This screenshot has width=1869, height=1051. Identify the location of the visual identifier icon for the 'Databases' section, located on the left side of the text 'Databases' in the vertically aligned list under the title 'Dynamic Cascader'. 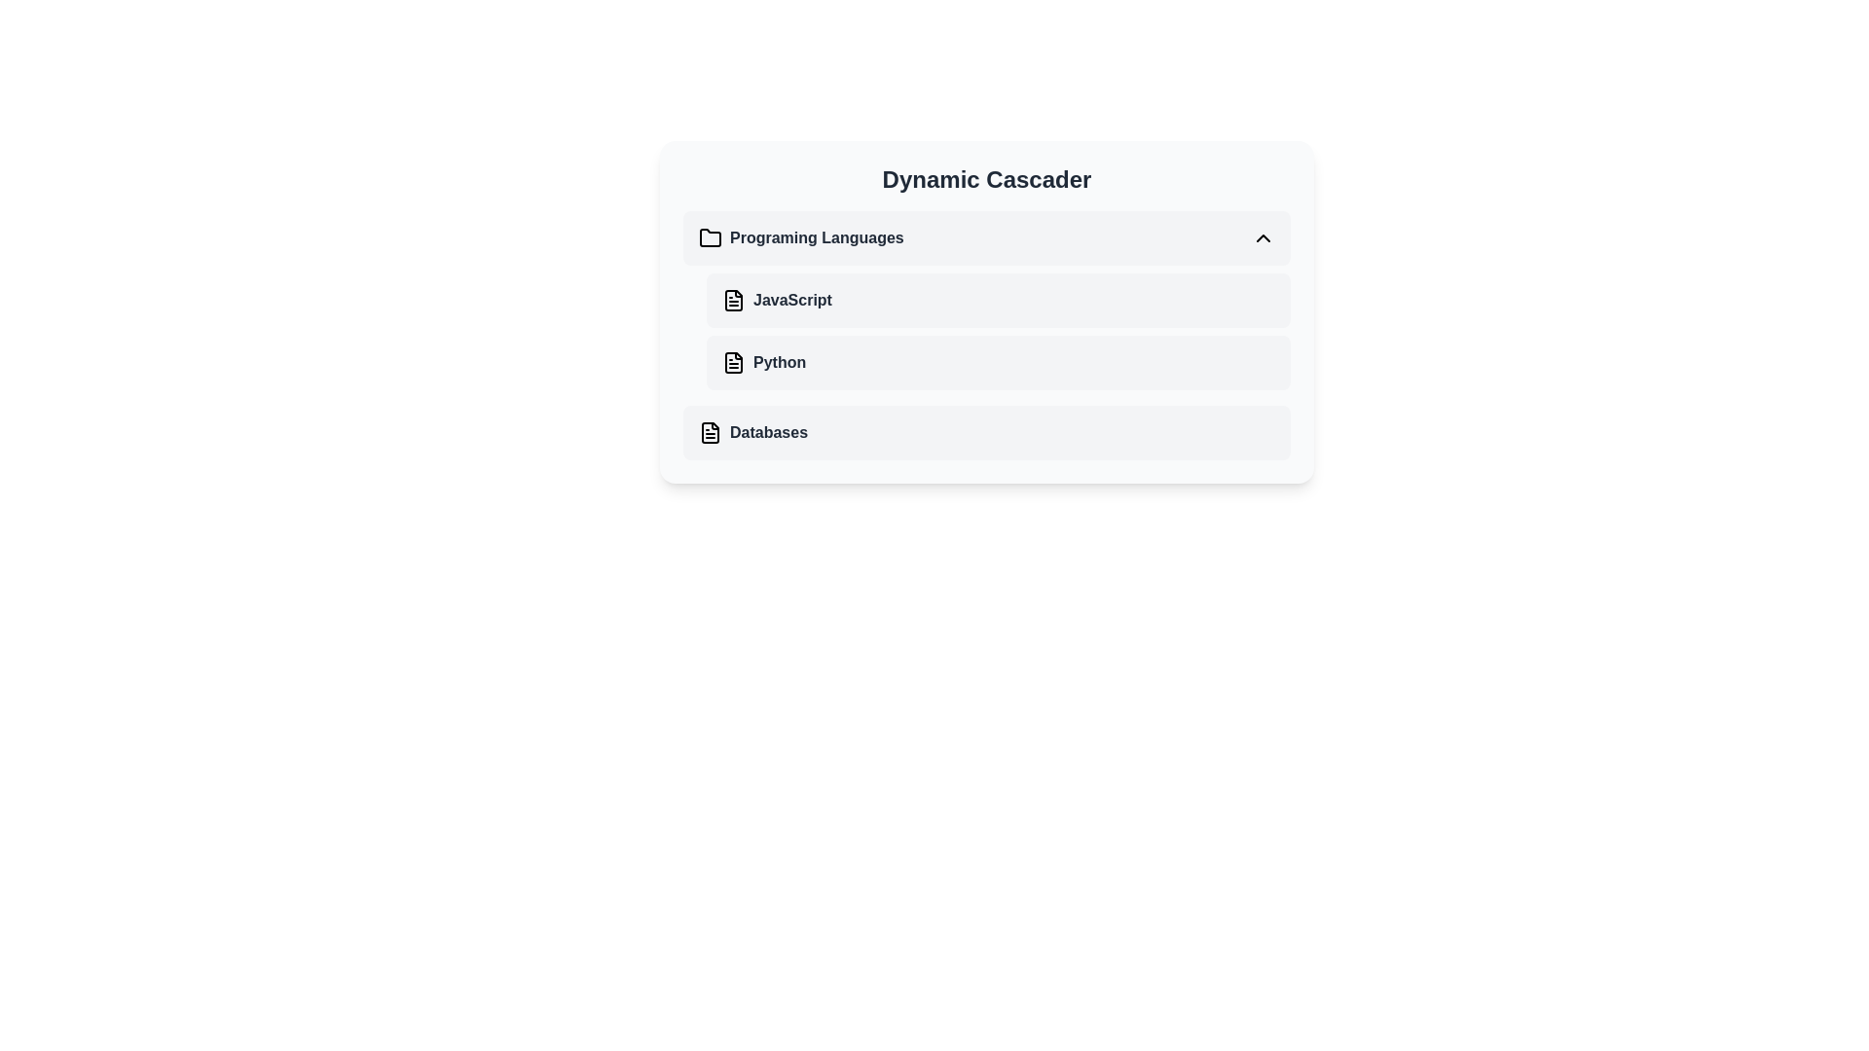
(709, 431).